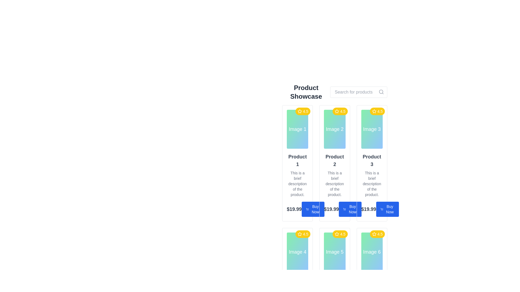 This screenshot has width=520, height=292. What do you see at coordinates (297, 252) in the screenshot?
I see `the 'Image 4' text label, which is styled with a large white font on a green to blue gradient background, located in the first card of the second row in the grid` at bounding box center [297, 252].